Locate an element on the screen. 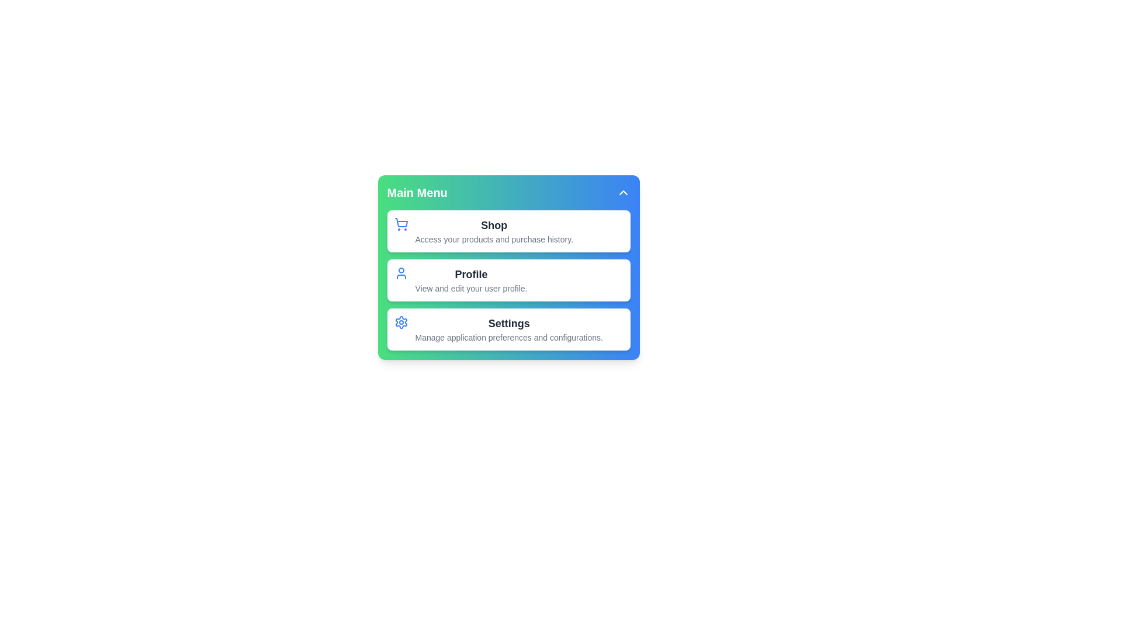  the icon of the menu item Settings is located at coordinates (401, 322).